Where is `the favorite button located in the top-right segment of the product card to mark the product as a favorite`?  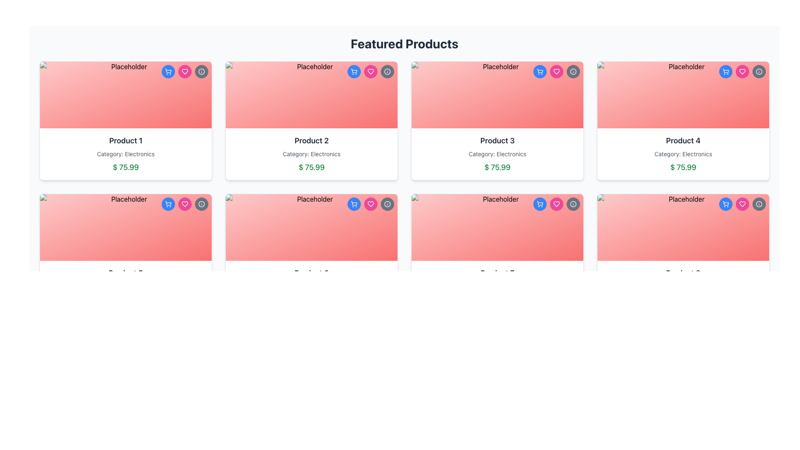
the favorite button located in the top-right segment of the product card to mark the product as a favorite is located at coordinates (742, 71).